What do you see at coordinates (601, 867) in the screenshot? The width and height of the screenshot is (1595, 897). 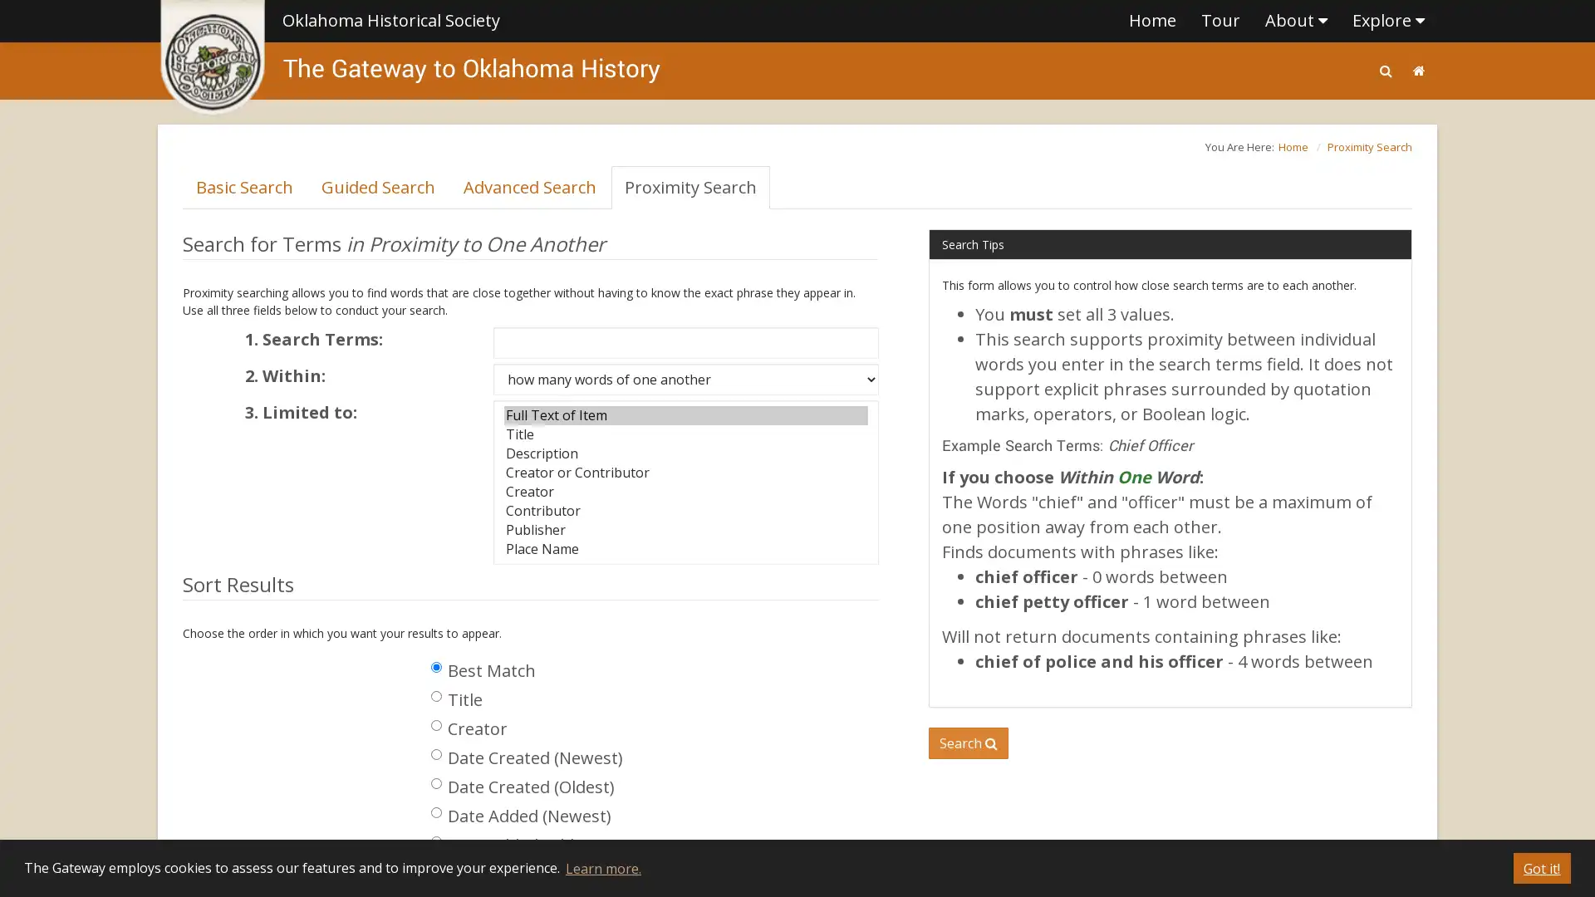 I see `learn more about cookies` at bounding box center [601, 867].